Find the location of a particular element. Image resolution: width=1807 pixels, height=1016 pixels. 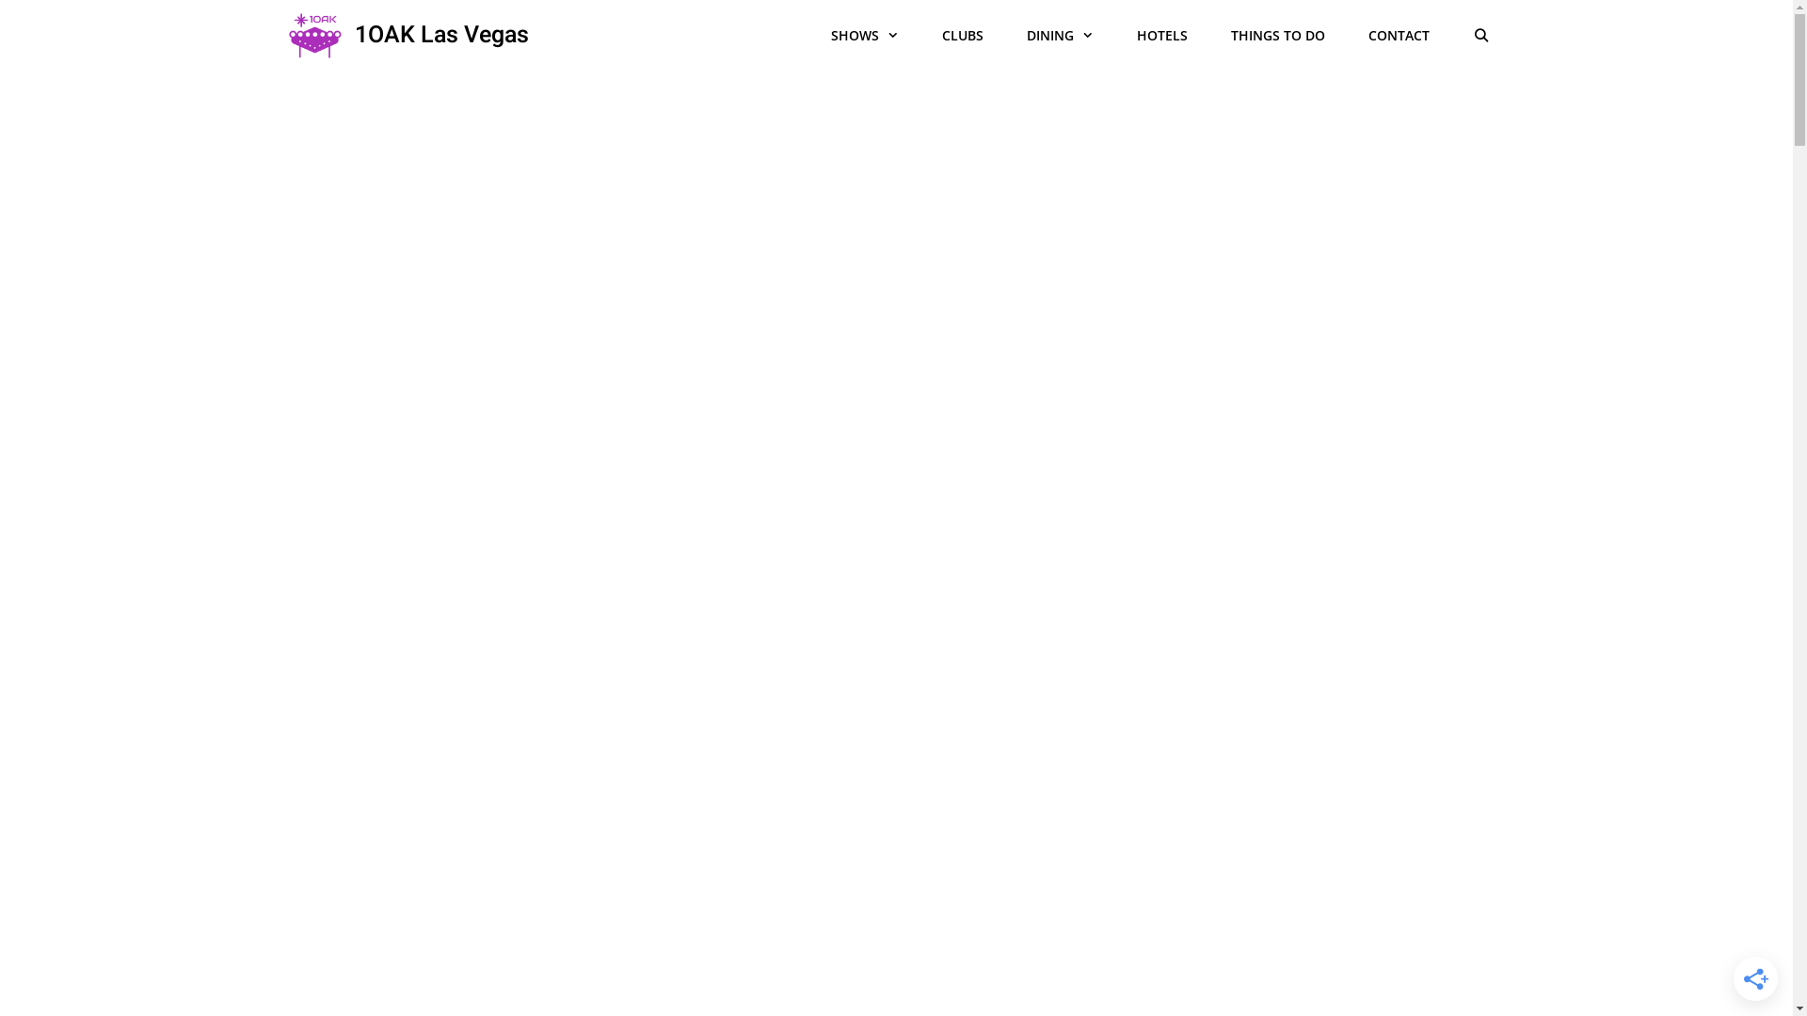

'DINING' is located at coordinates (1060, 36).